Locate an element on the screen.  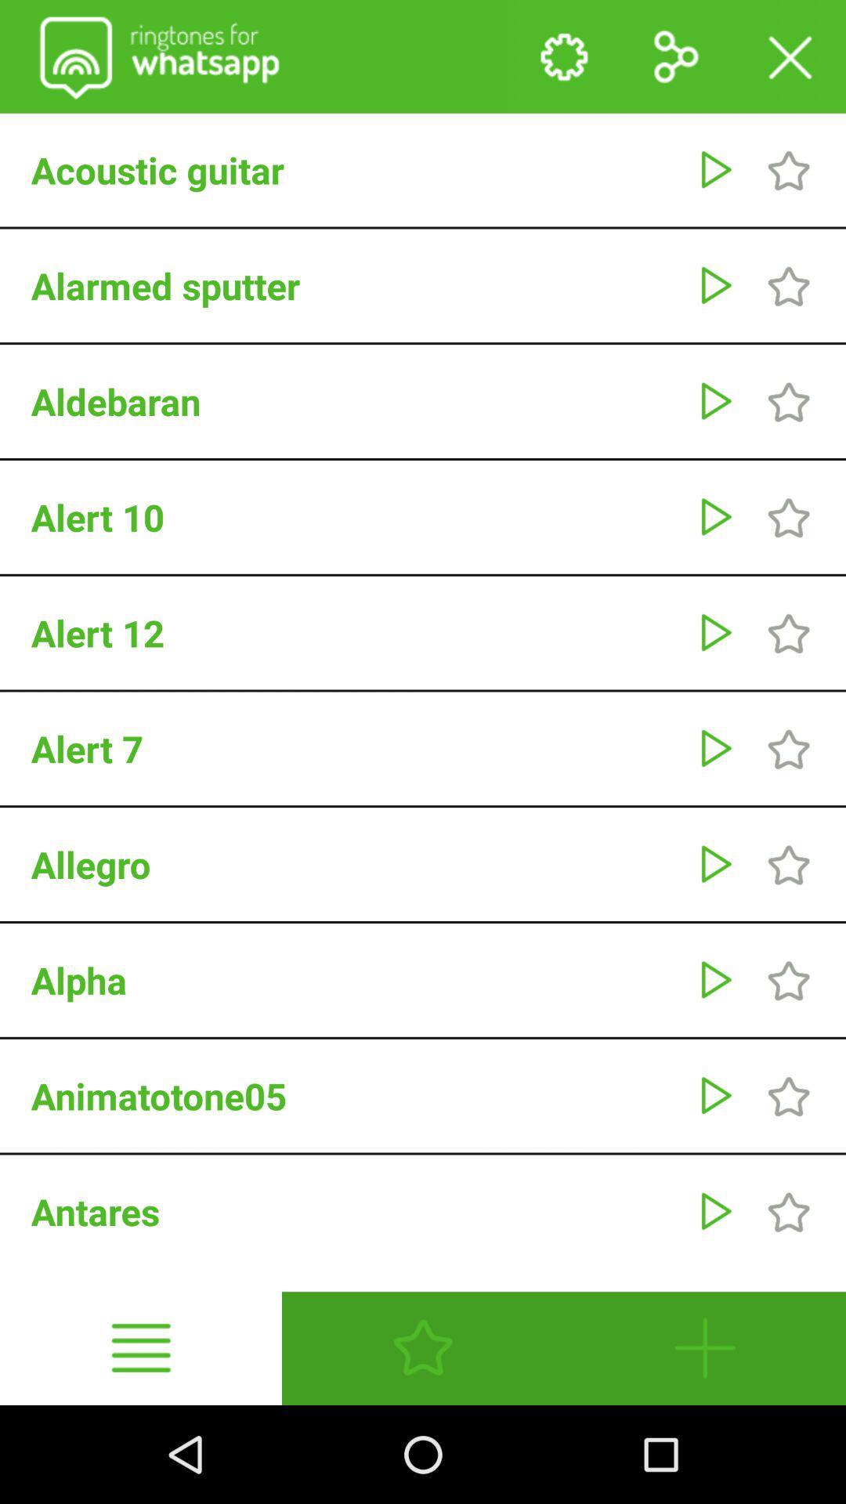
the alarmed sputter is located at coordinates (356, 285).